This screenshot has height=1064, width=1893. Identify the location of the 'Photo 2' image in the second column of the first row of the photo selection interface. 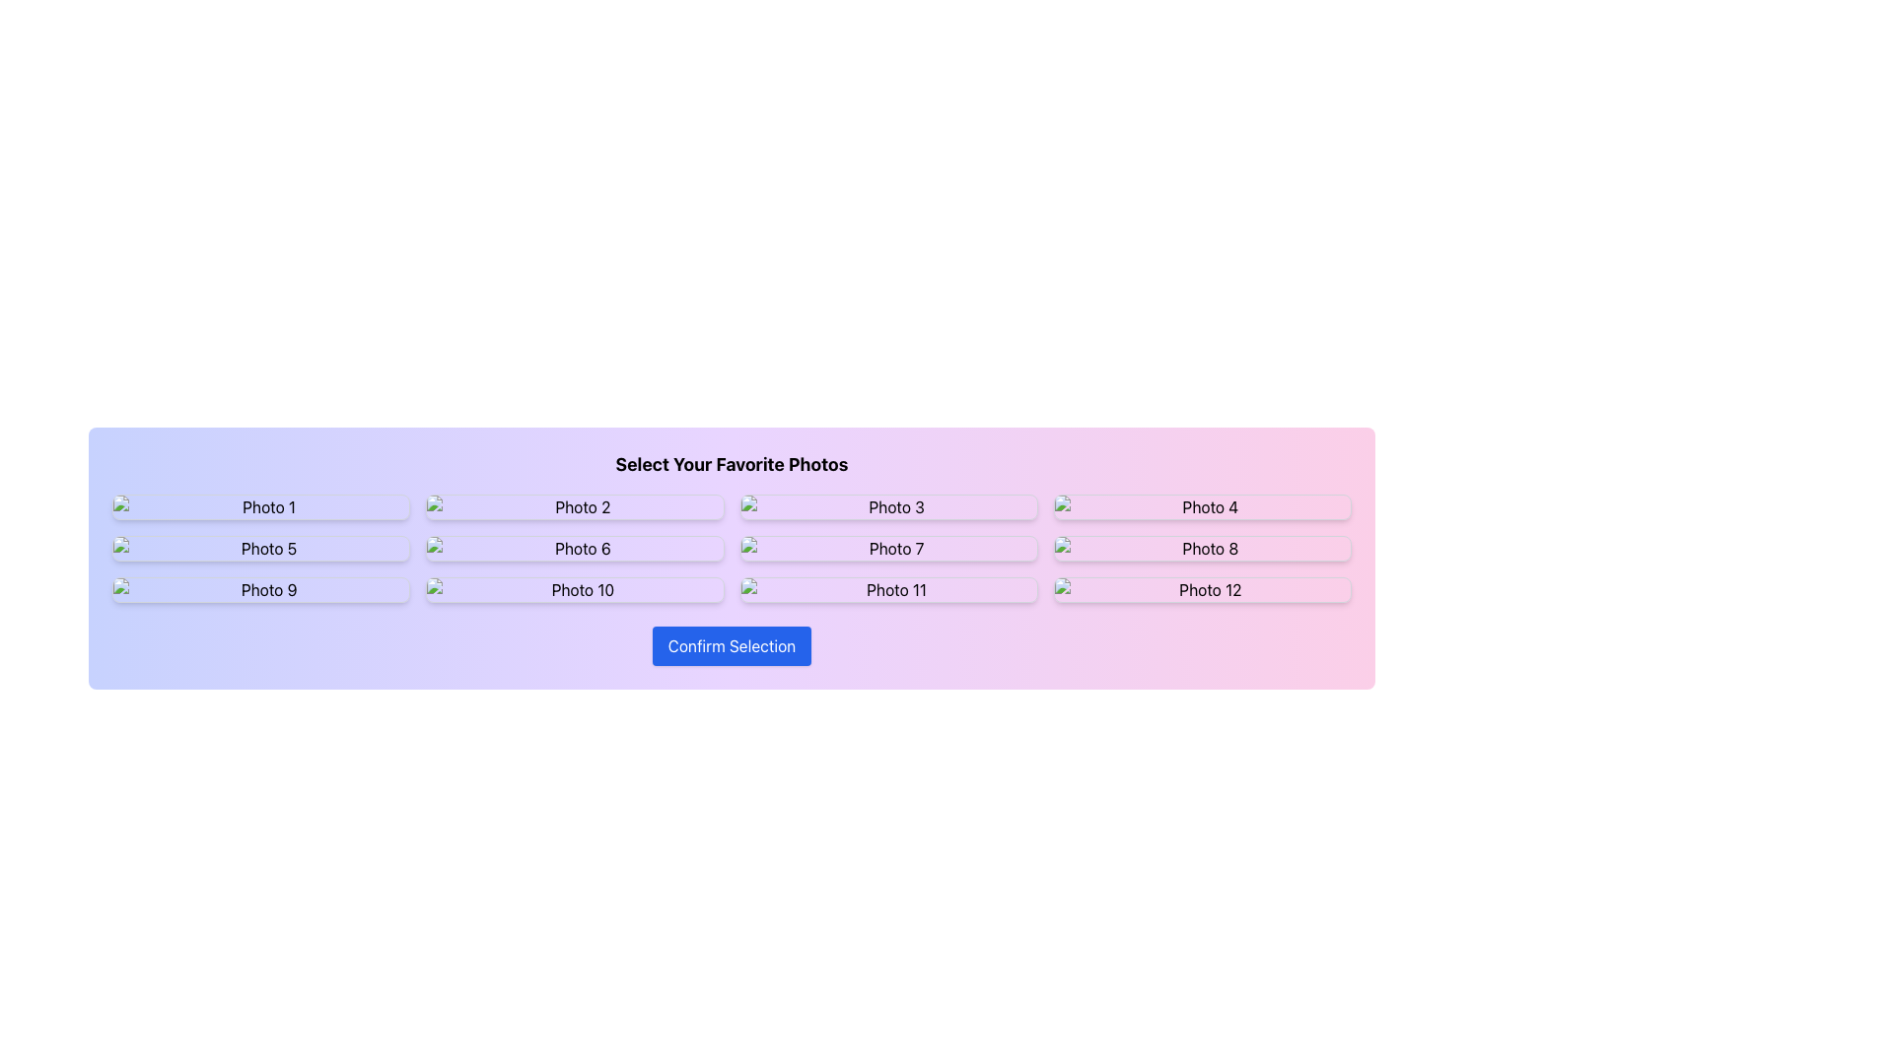
(574, 506).